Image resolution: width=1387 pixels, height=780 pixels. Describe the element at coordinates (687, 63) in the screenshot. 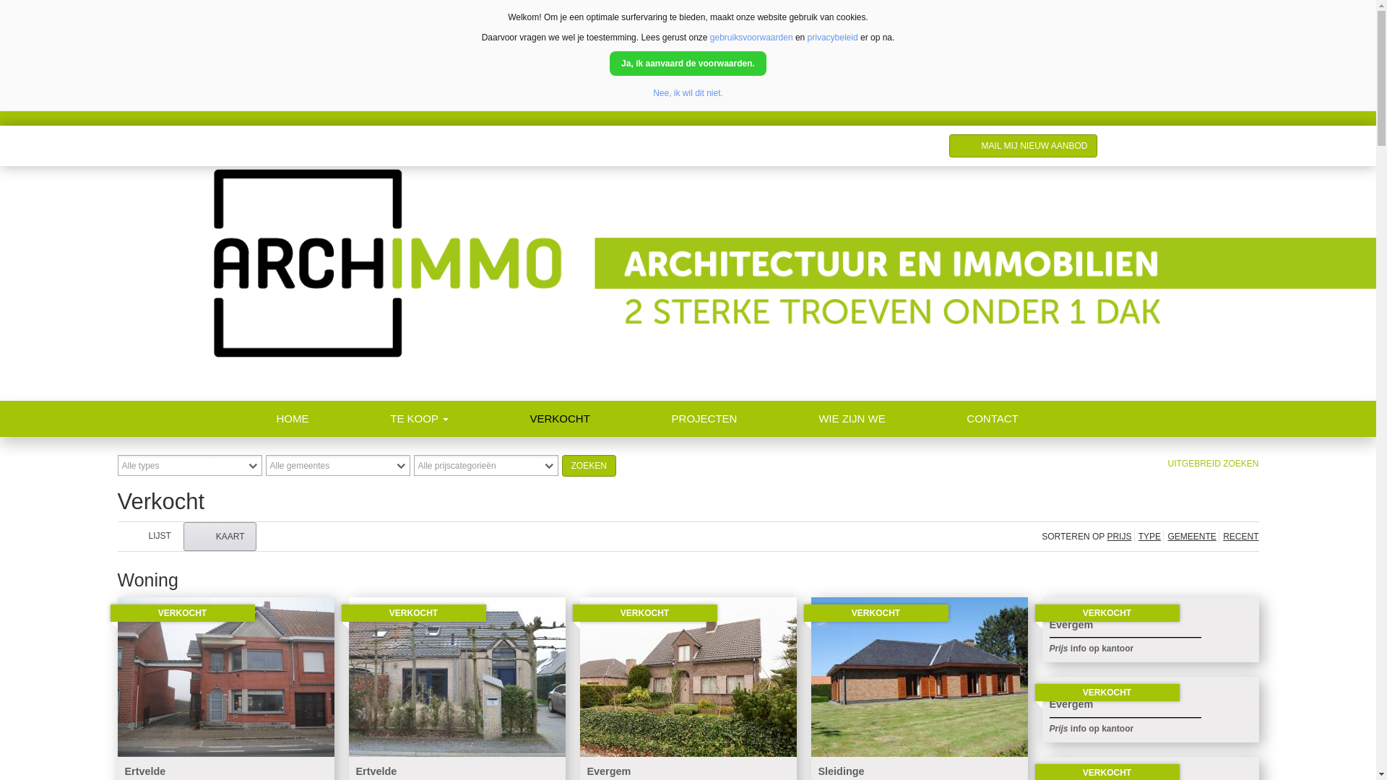

I see `'Ja, ik aanvaard de voorwaarden.'` at that location.